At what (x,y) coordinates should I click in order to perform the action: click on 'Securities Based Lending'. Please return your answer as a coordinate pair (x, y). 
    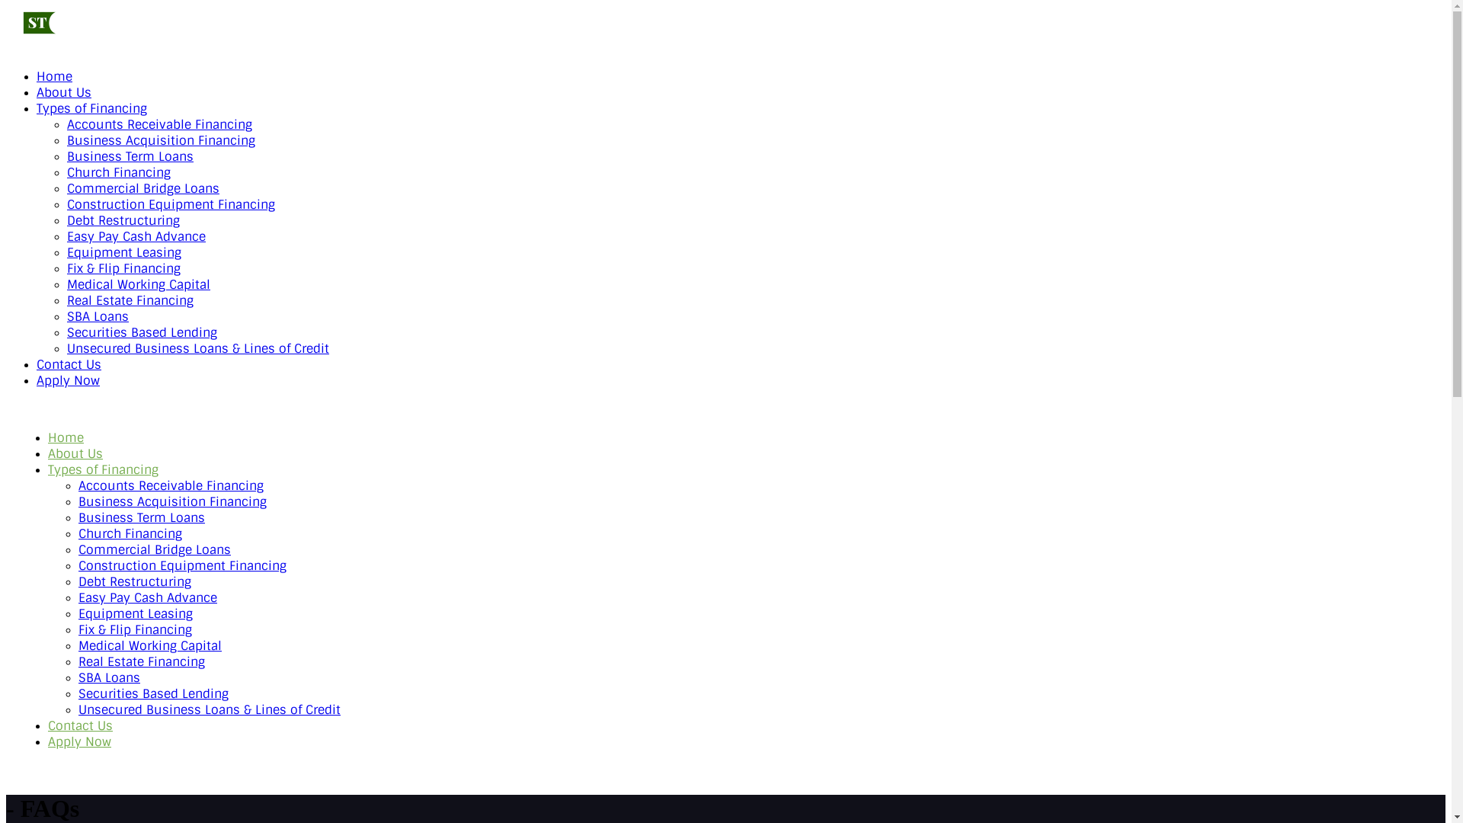
    Looking at the image, I should click on (142, 331).